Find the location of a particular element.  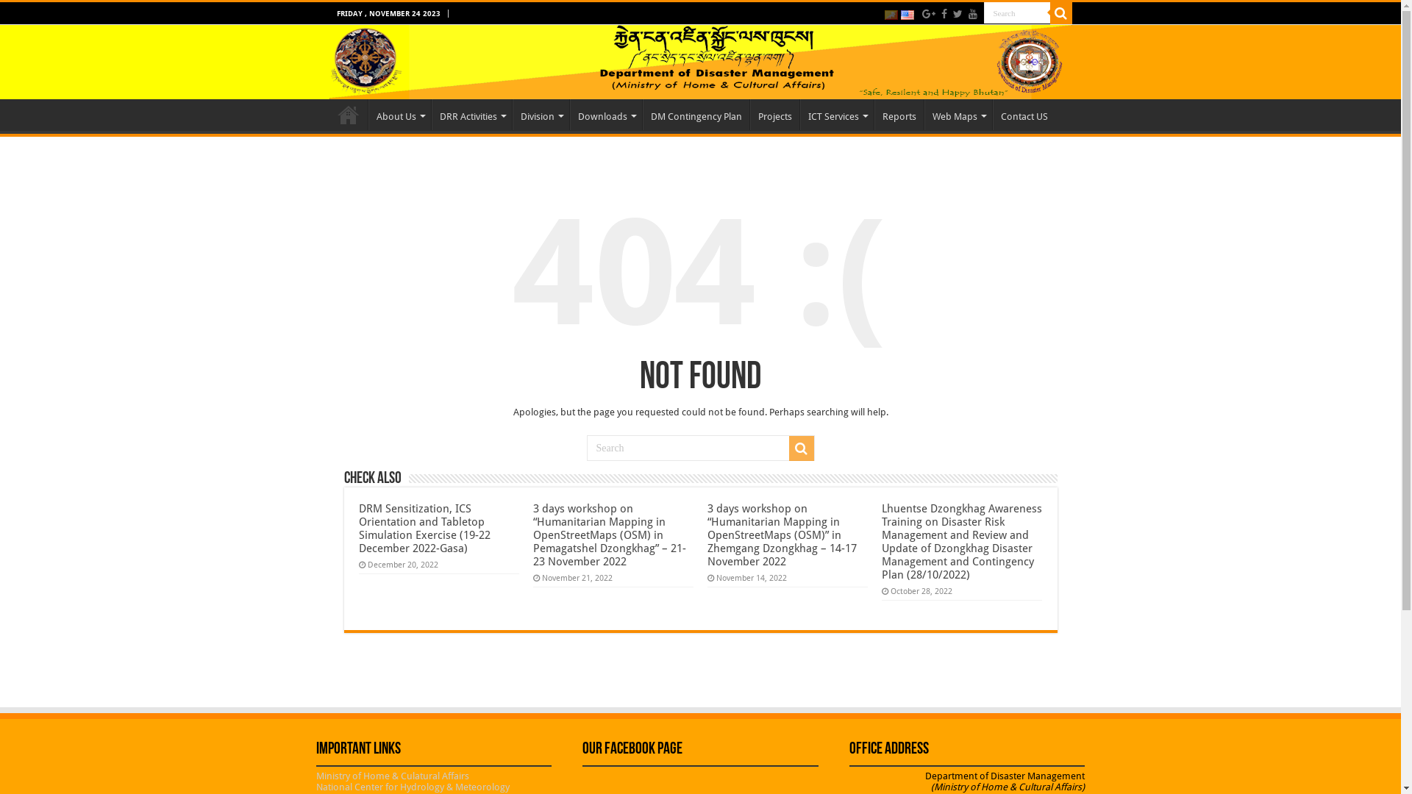

'Web Maps' is located at coordinates (957, 113).